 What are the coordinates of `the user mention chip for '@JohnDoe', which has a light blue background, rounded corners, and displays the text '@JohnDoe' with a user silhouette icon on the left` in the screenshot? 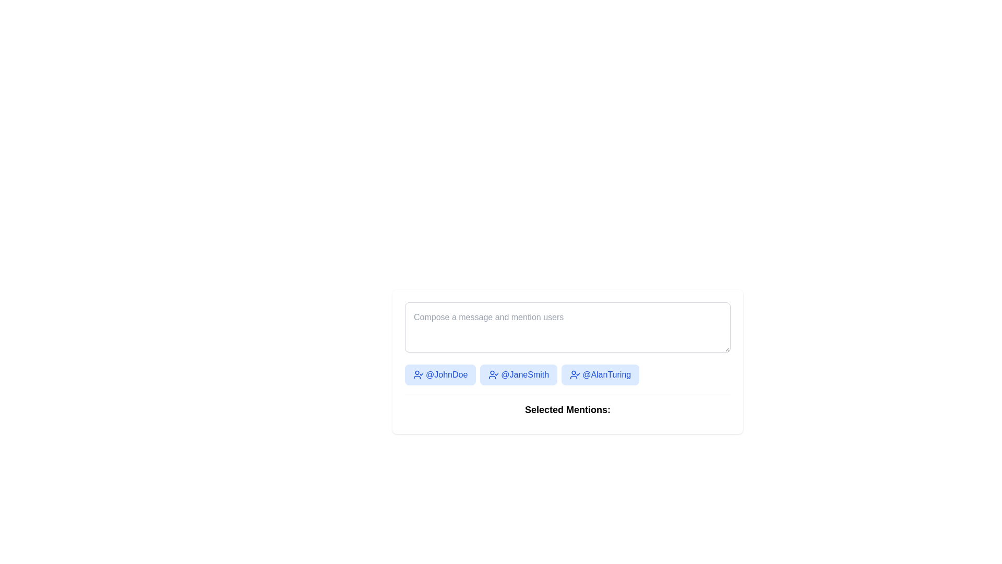 It's located at (440, 374).